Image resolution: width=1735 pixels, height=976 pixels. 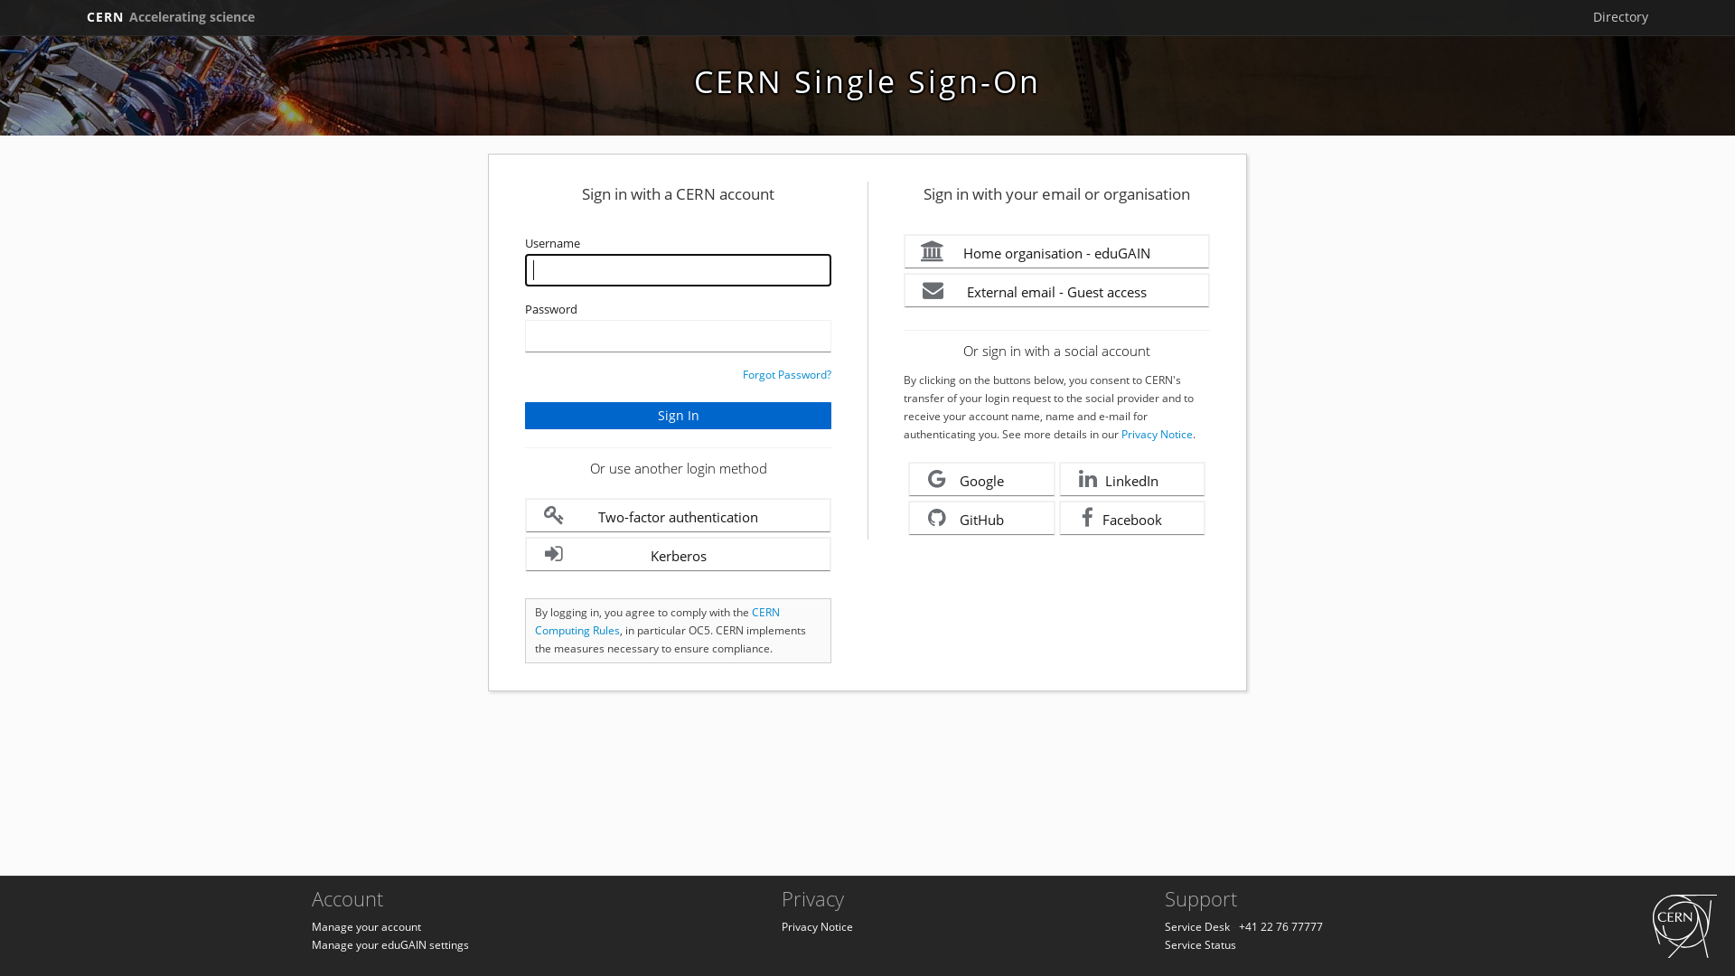 I want to click on 'Privacy Notice', so click(x=1157, y=434).